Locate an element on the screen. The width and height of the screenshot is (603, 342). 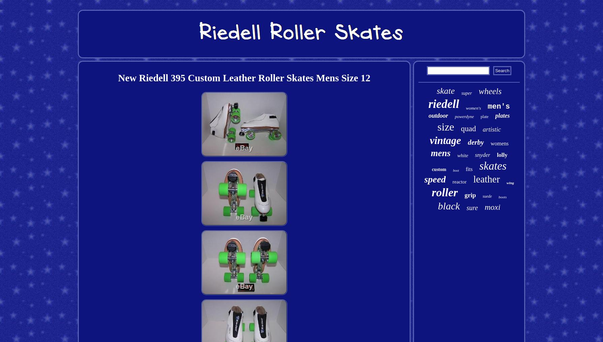
'black' is located at coordinates (449, 206).